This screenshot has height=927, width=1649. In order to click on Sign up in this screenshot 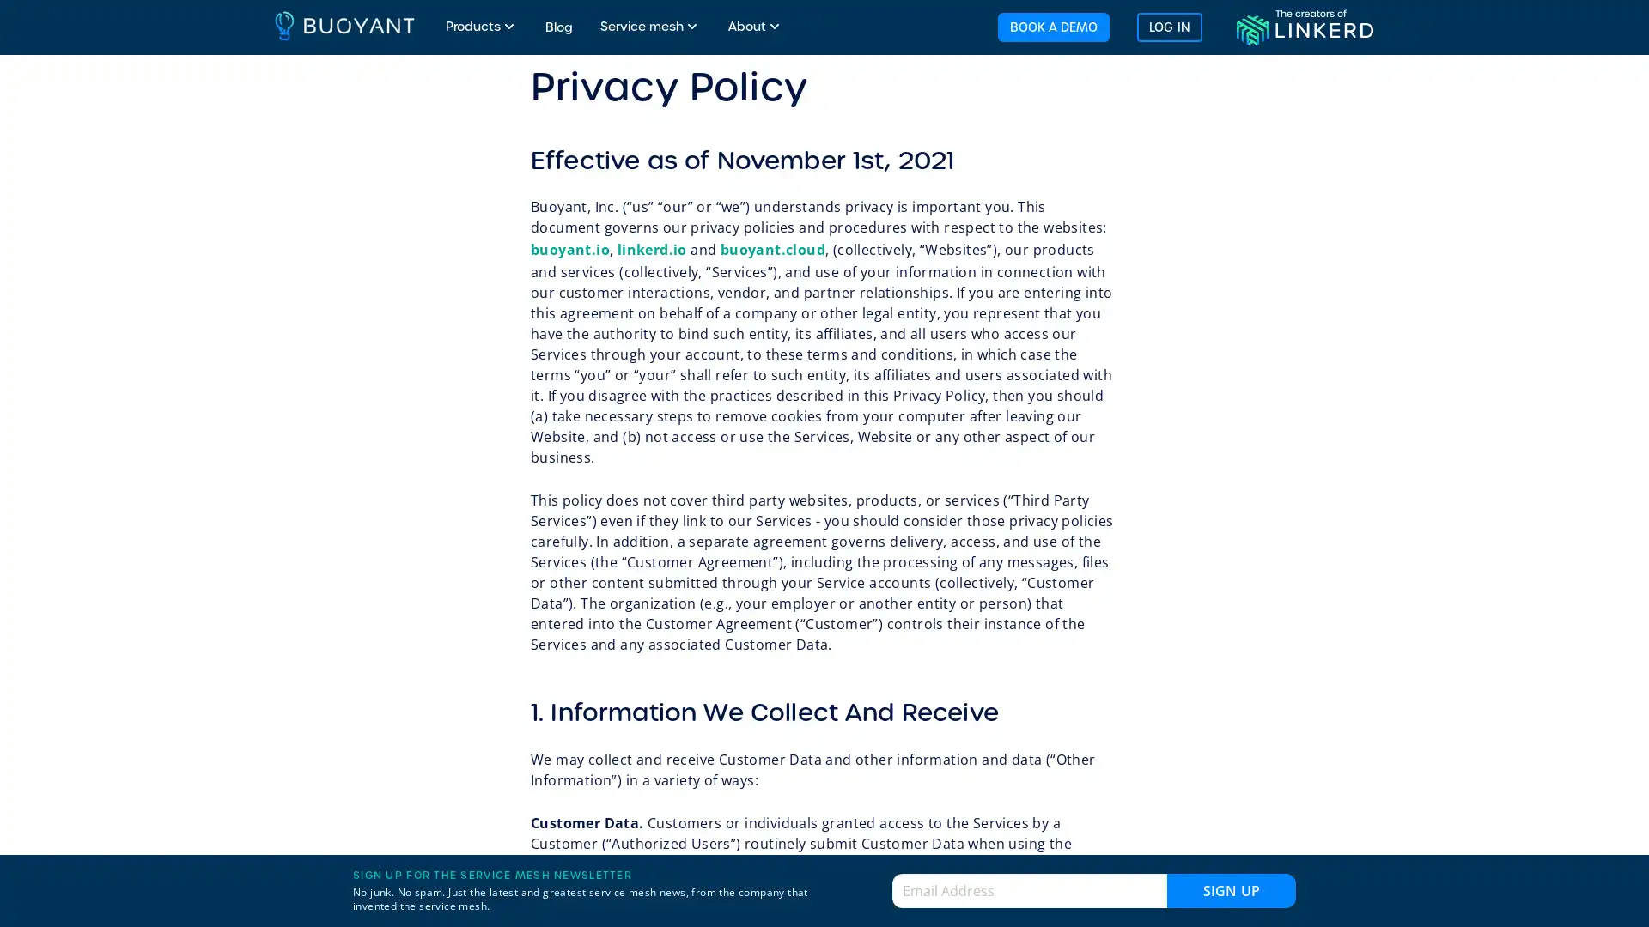, I will do `click(1231, 889)`.